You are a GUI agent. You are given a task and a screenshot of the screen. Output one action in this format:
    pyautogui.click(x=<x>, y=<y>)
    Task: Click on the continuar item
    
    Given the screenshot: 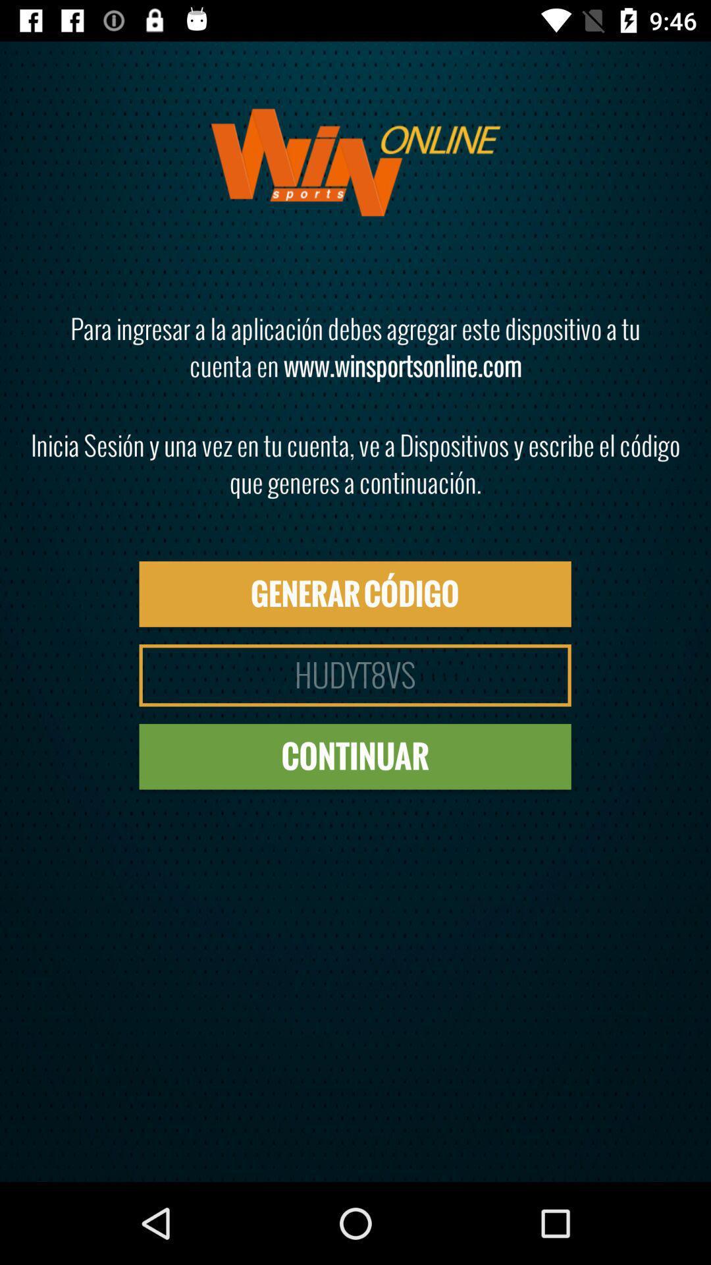 What is the action you would take?
    pyautogui.click(x=354, y=756)
    